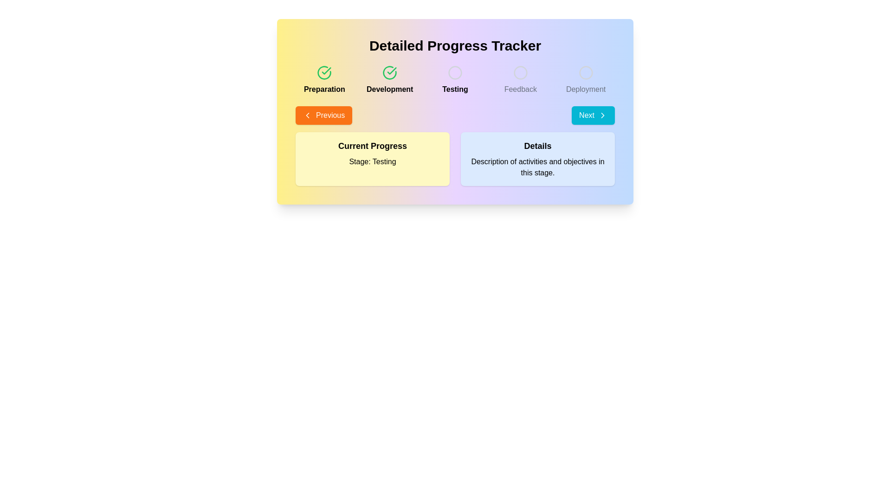 This screenshot has width=891, height=501. I want to click on descriptive information presented in the Text block located at the bottom section of the 'Details' box, which is positioned toward the right side of the main interface layout, so click(537, 167).